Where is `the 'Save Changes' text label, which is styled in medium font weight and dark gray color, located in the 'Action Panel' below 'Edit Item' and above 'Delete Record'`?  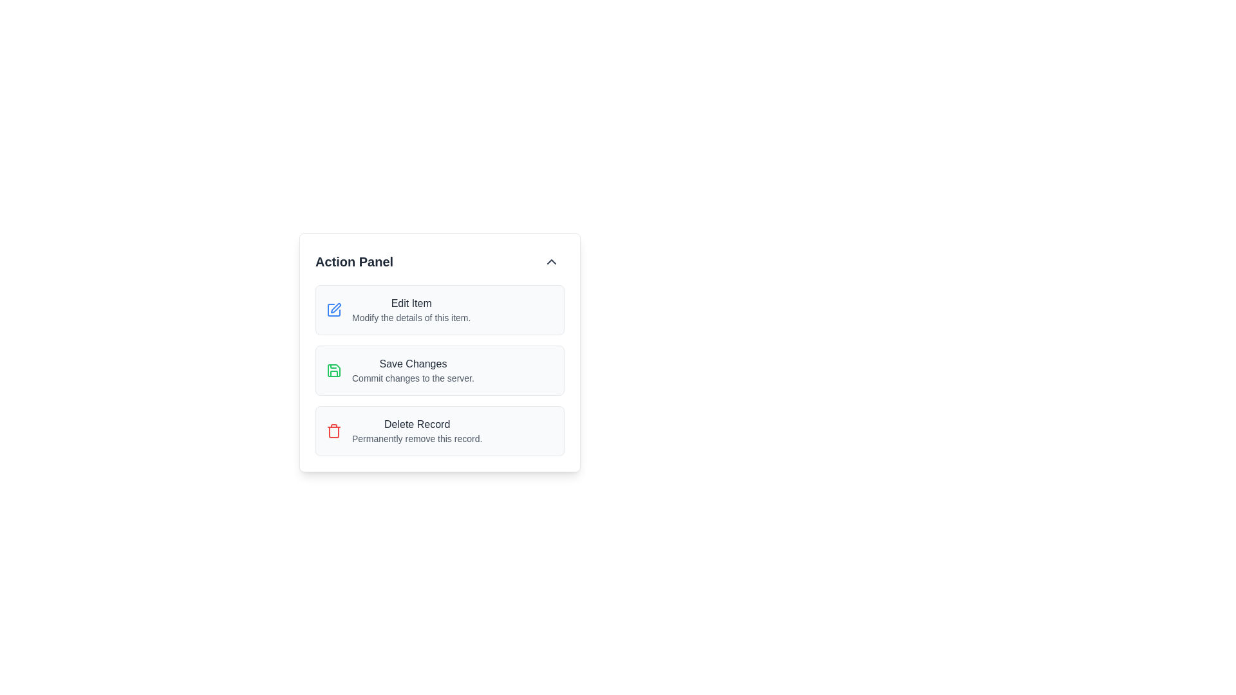
the 'Save Changes' text label, which is styled in medium font weight and dark gray color, located in the 'Action Panel' below 'Edit Item' and above 'Delete Record' is located at coordinates (413, 364).